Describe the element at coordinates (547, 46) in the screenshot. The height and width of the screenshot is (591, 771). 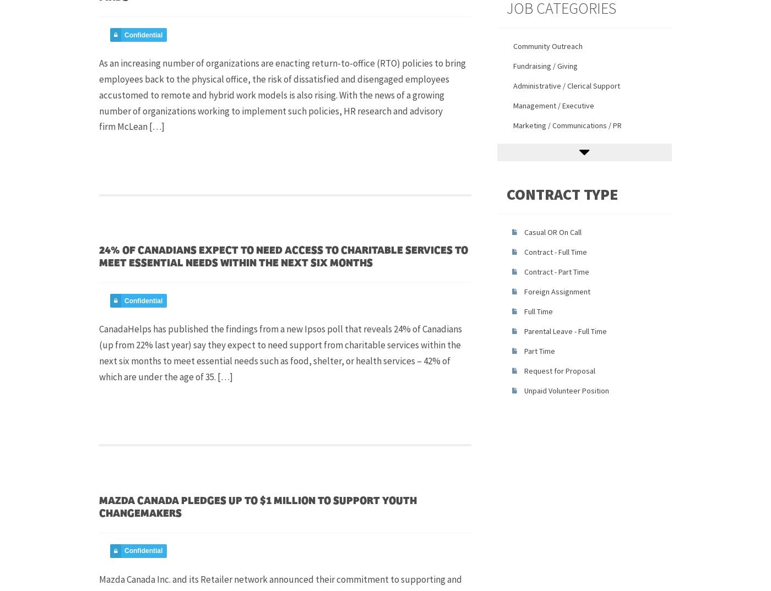
I see `'Community Outreach'` at that location.